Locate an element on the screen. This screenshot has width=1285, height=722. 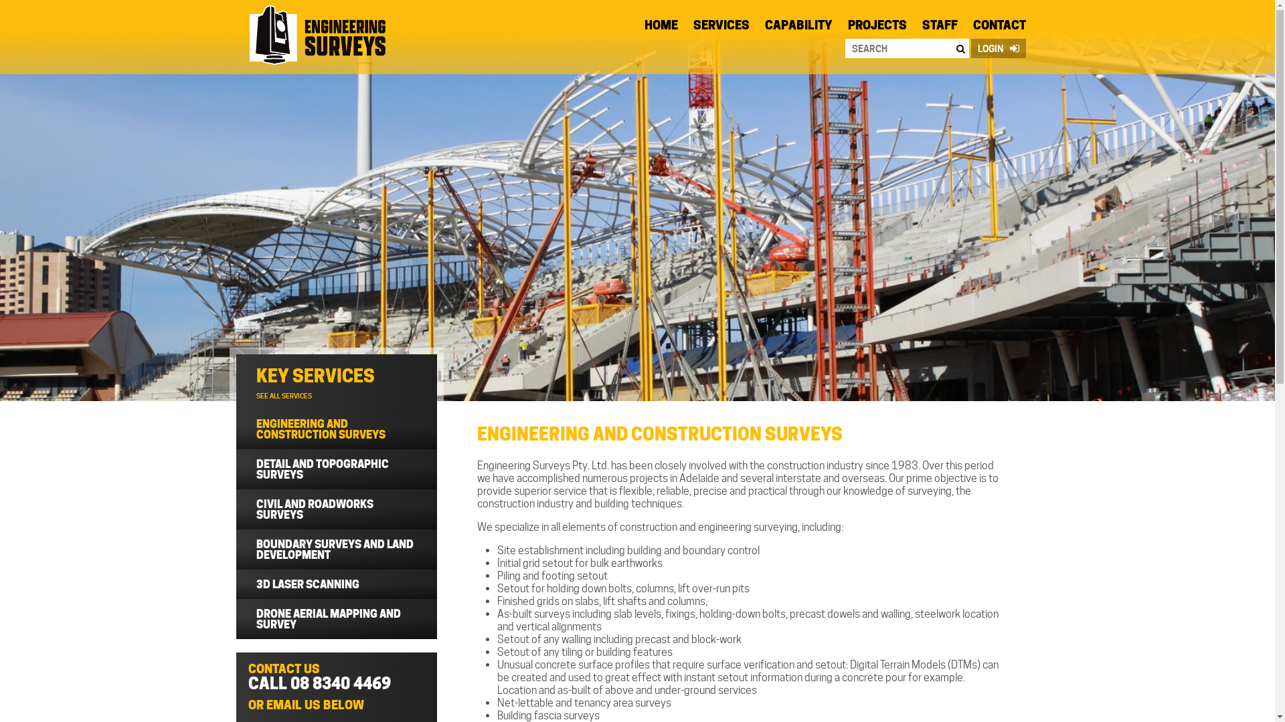
'DETAIL AND TOPOGRAPHIC SURVEYS' is located at coordinates (336, 469).